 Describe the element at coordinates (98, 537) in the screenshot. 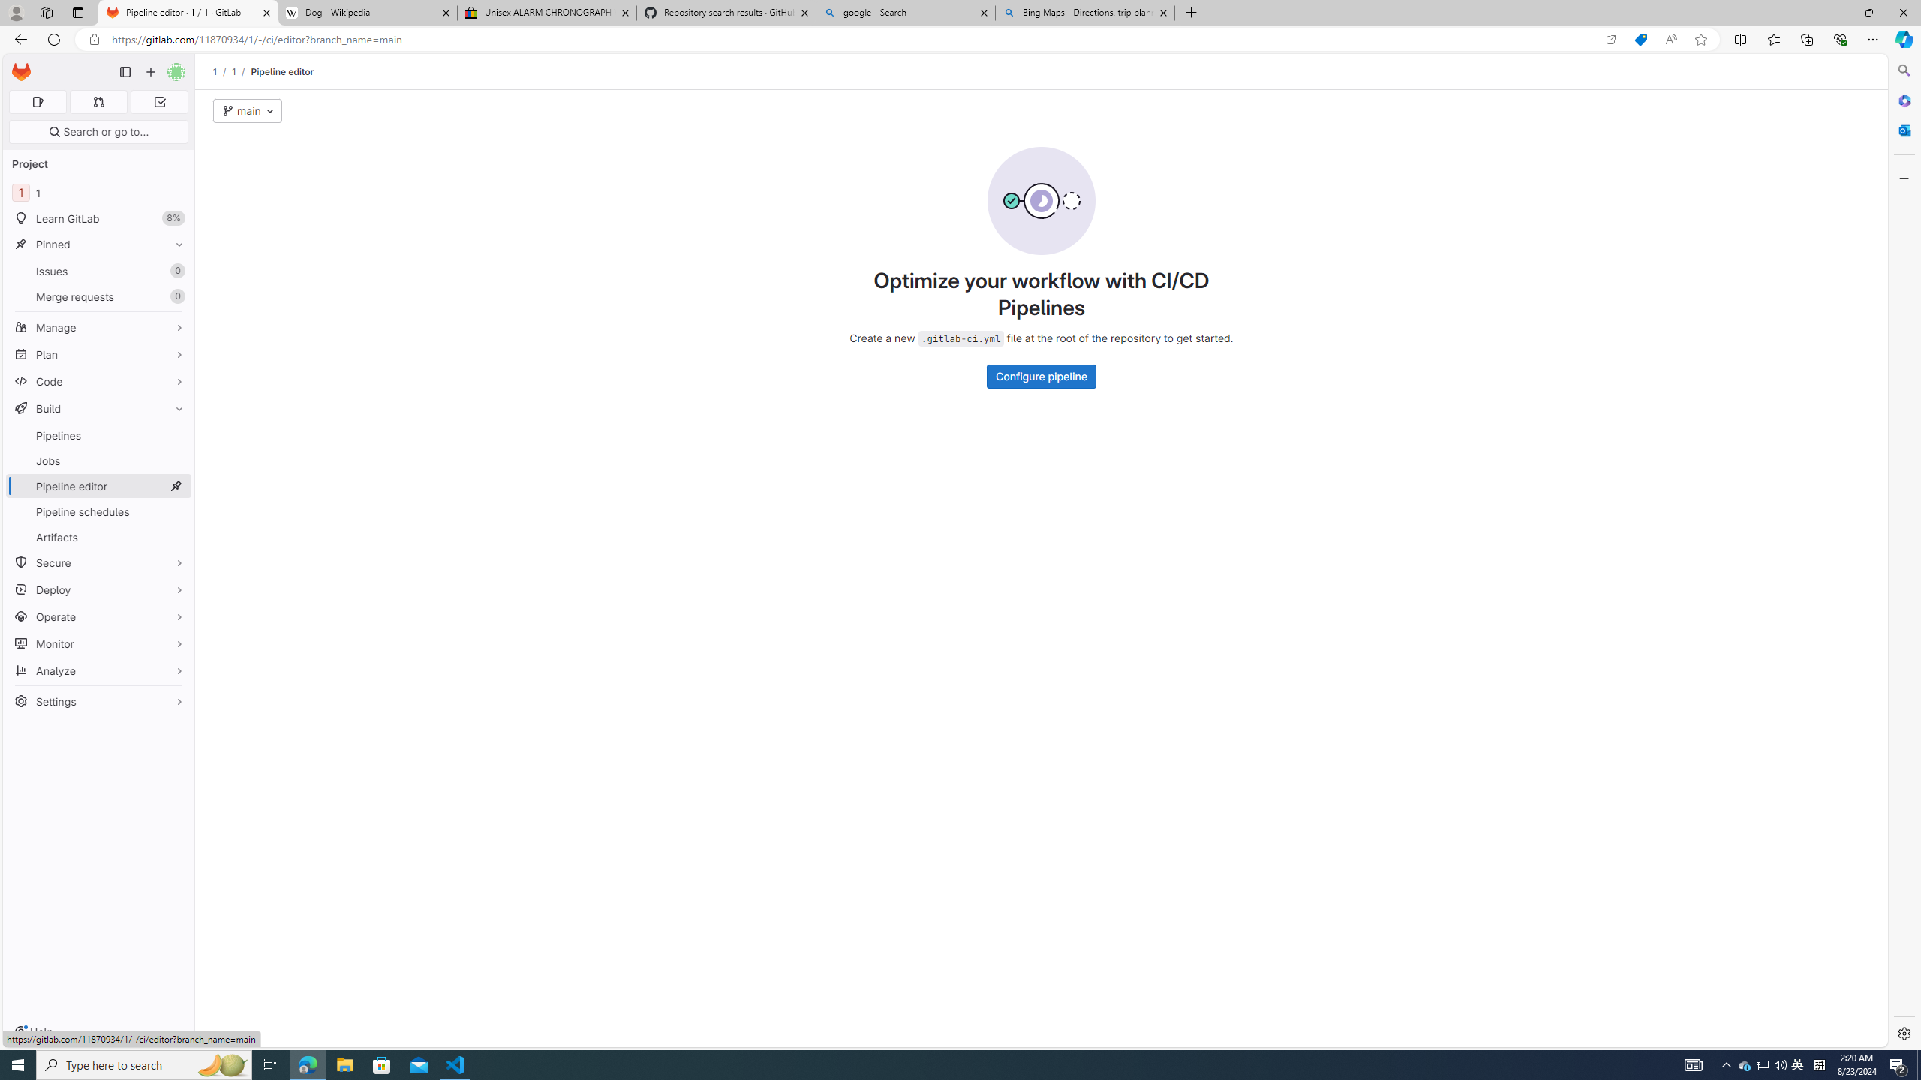

I see `'Artifacts'` at that location.